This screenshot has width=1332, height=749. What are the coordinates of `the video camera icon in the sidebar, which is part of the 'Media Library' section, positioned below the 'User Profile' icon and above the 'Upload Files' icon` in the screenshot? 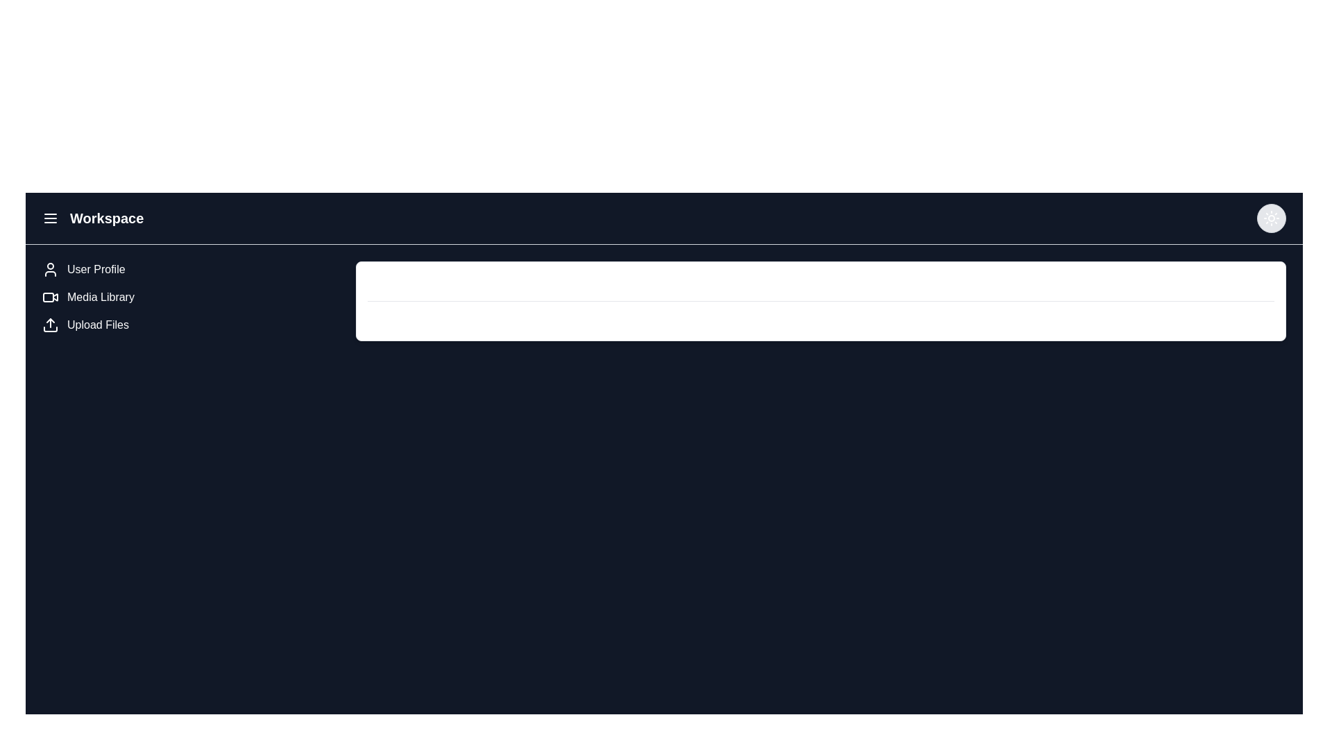 It's located at (50, 296).